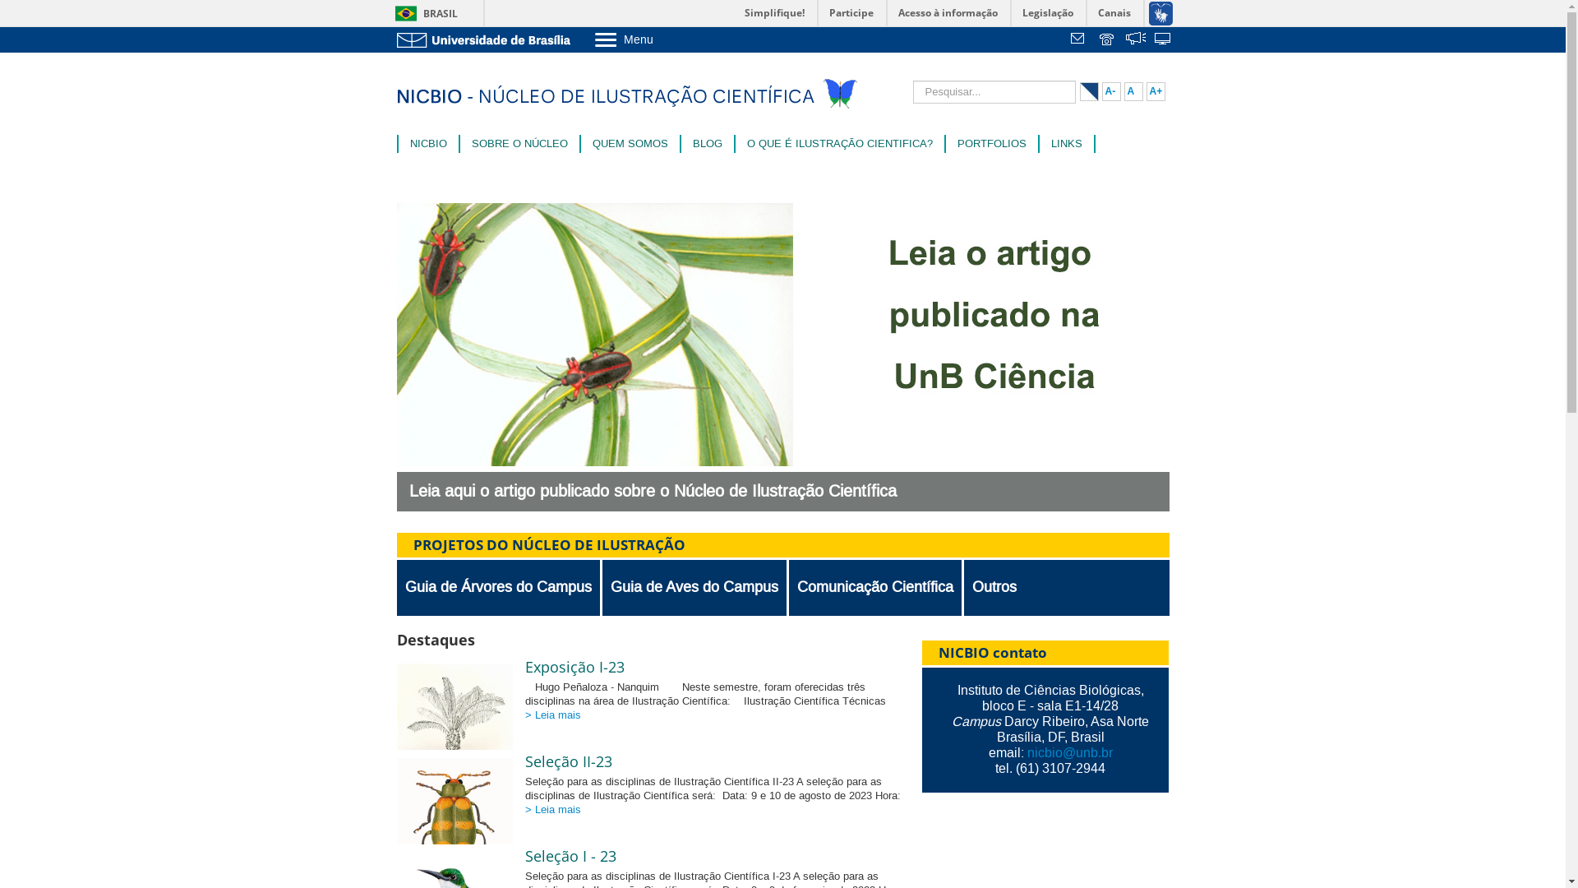 The width and height of the screenshot is (1578, 888). I want to click on ' ', so click(1108, 39).